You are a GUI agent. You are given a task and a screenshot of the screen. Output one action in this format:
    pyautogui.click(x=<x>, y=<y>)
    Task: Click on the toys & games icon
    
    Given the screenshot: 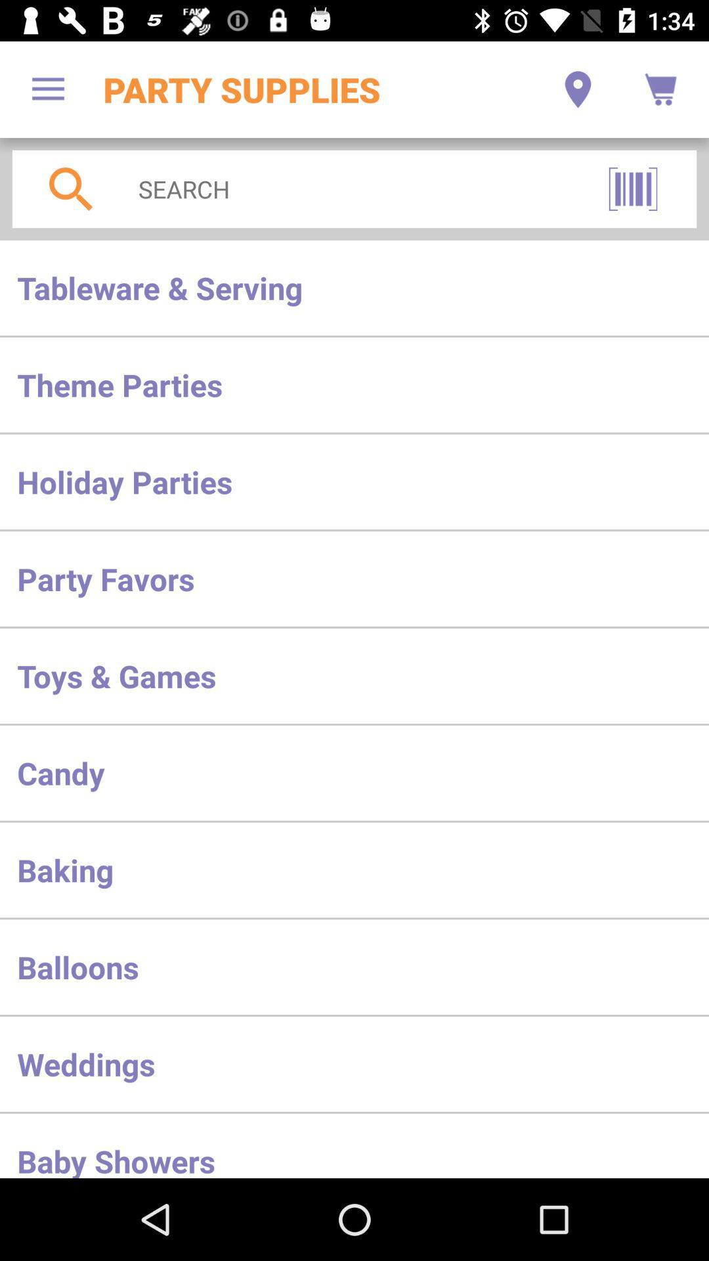 What is the action you would take?
    pyautogui.click(x=354, y=676)
    